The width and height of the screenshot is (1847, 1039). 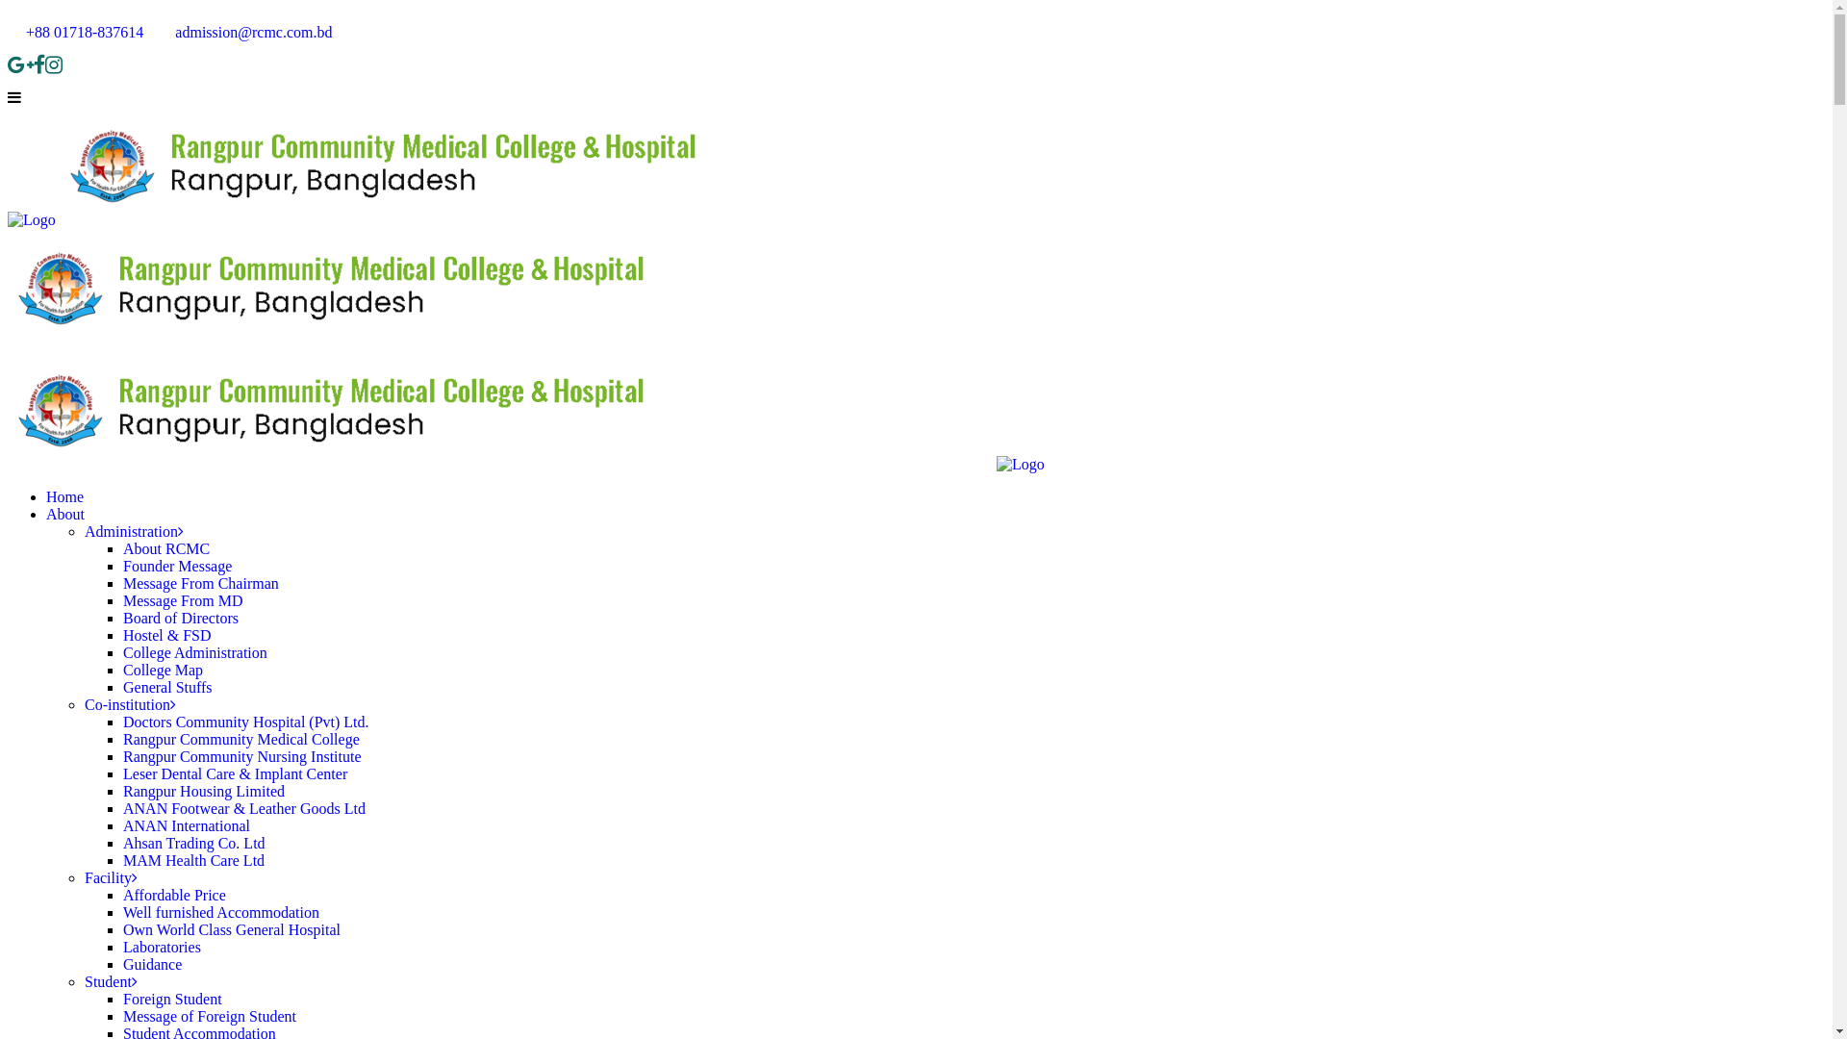 I want to click on 'Message From Chairman', so click(x=201, y=582).